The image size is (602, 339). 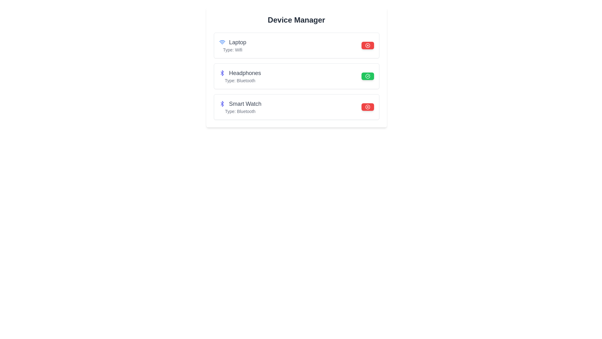 I want to click on the 'Headphones' text label, which is displayed in a medium-sized light gray font, centered vertically in its area and located in the second row of a vertically stacked list under the 'Device Manager' header, so click(x=245, y=73).